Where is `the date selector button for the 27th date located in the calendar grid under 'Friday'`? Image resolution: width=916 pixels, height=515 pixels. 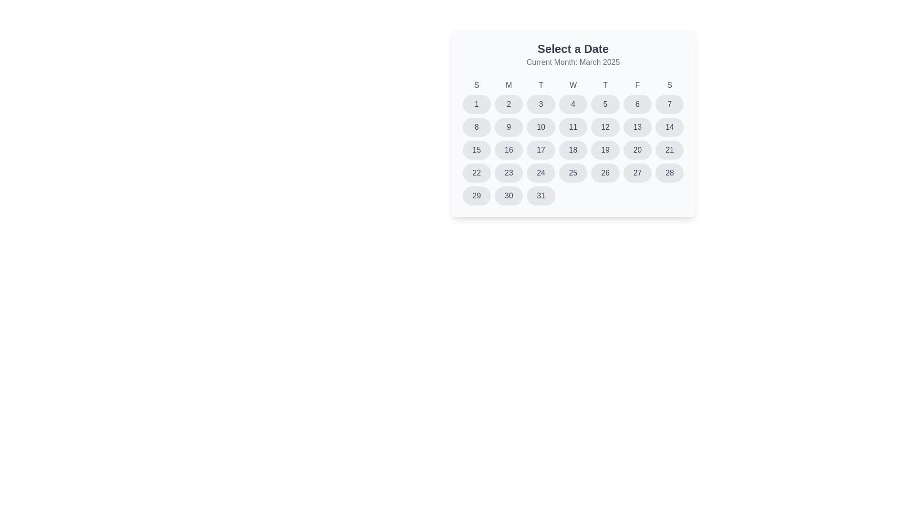
the date selector button for the 27th date located in the calendar grid under 'Friday' is located at coordinates (637, 173).